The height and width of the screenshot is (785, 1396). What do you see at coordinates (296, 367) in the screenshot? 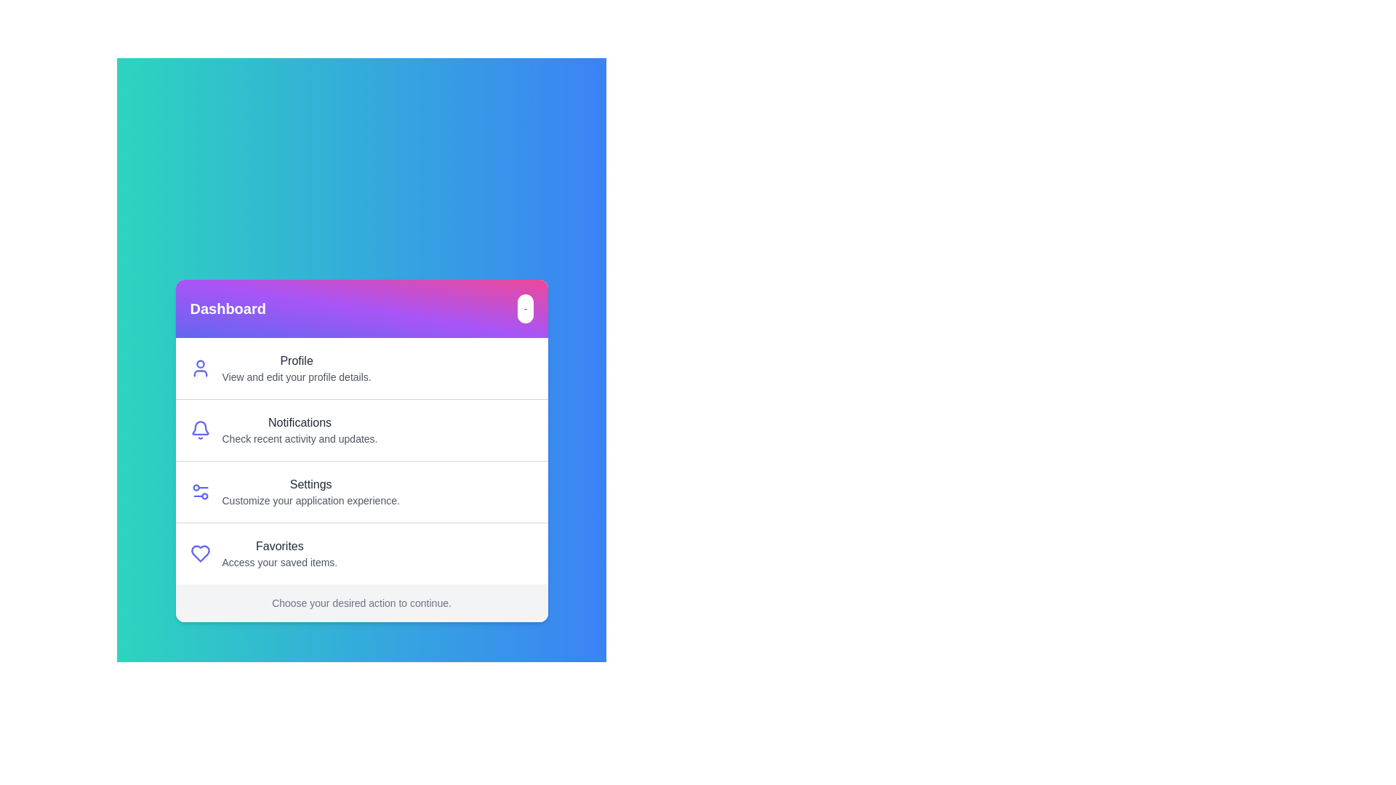
I see `the menu option corresponding to Profile` at bounding box center [296, 367].